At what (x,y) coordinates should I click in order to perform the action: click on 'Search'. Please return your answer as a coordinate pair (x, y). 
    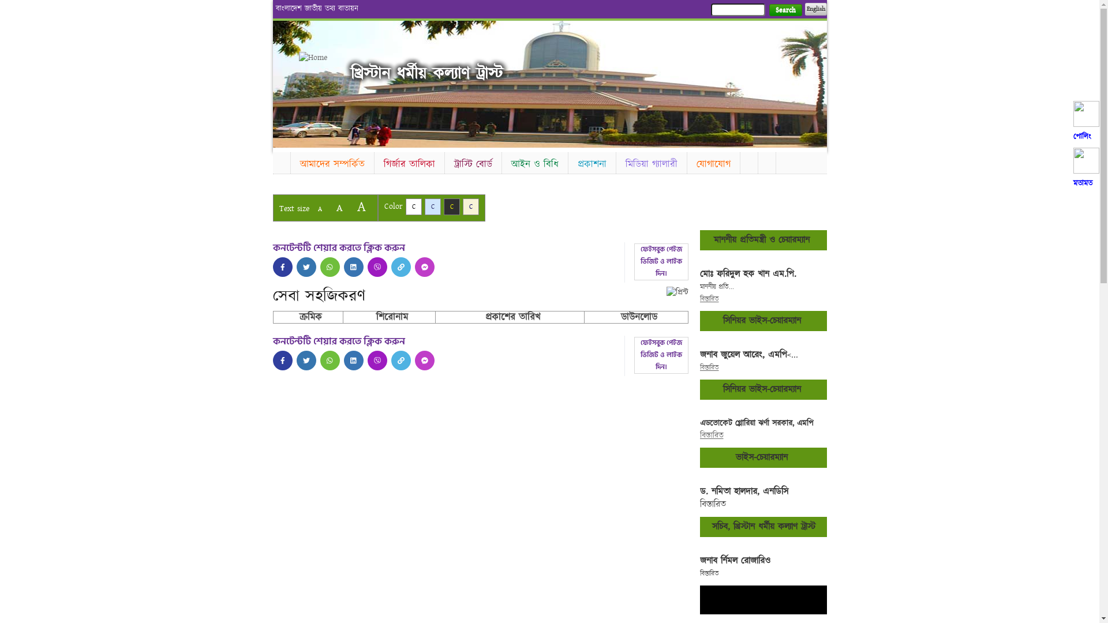
    Looking at the image, I should click on (785, 10).